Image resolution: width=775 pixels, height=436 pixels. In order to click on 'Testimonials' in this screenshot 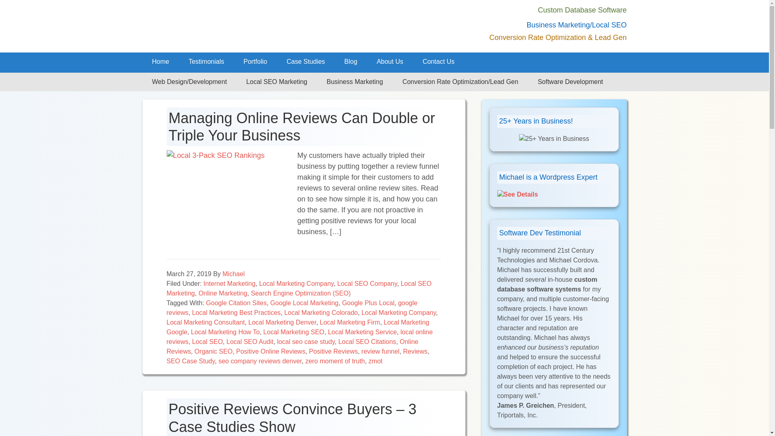, I will do `click(206, 61)`.